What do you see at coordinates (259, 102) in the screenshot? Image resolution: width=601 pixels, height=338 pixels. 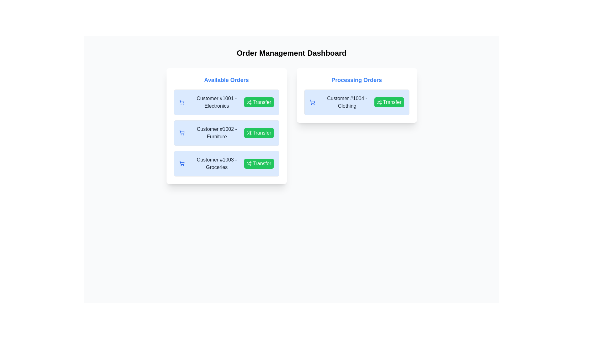 I see `the green 'Transfer' button with rounded corners and white text, which is located in the 'Customer #1001 - Electronics' section of the 'Available Orders' group` at bounding box center [259, 102].